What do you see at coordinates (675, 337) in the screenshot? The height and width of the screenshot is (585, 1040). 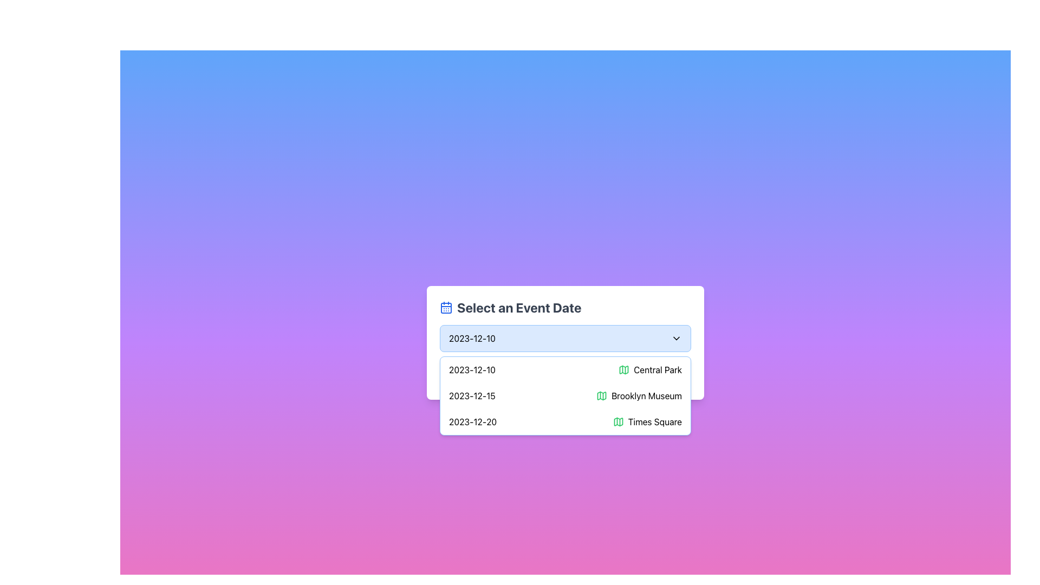 I see `the chevron-down icon located to the far right of the dropdown field` at bounding box center [675, 337].